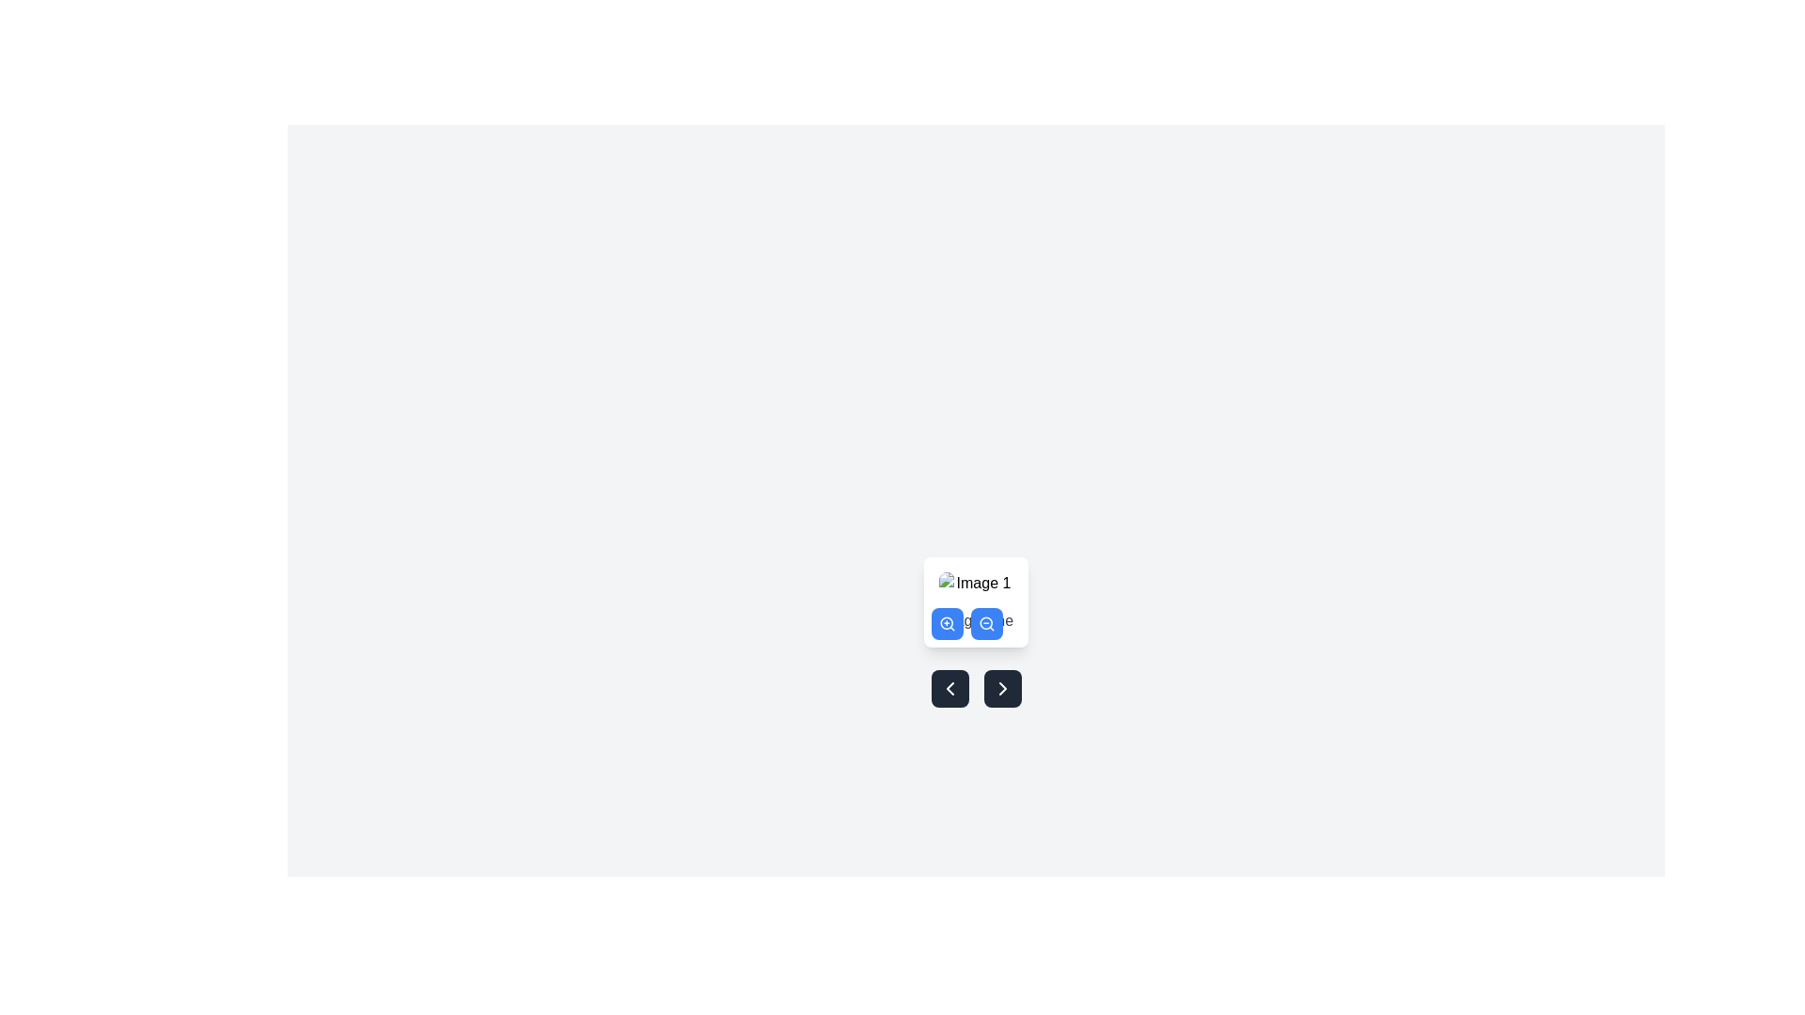 This screenshot has height=1015, width=1805. I want to click on the circular outline of the magnifying glass icon, which has a diameter of approximately 16 units and is positioned as the primary shape within the SVG icon, so click(947, 623).